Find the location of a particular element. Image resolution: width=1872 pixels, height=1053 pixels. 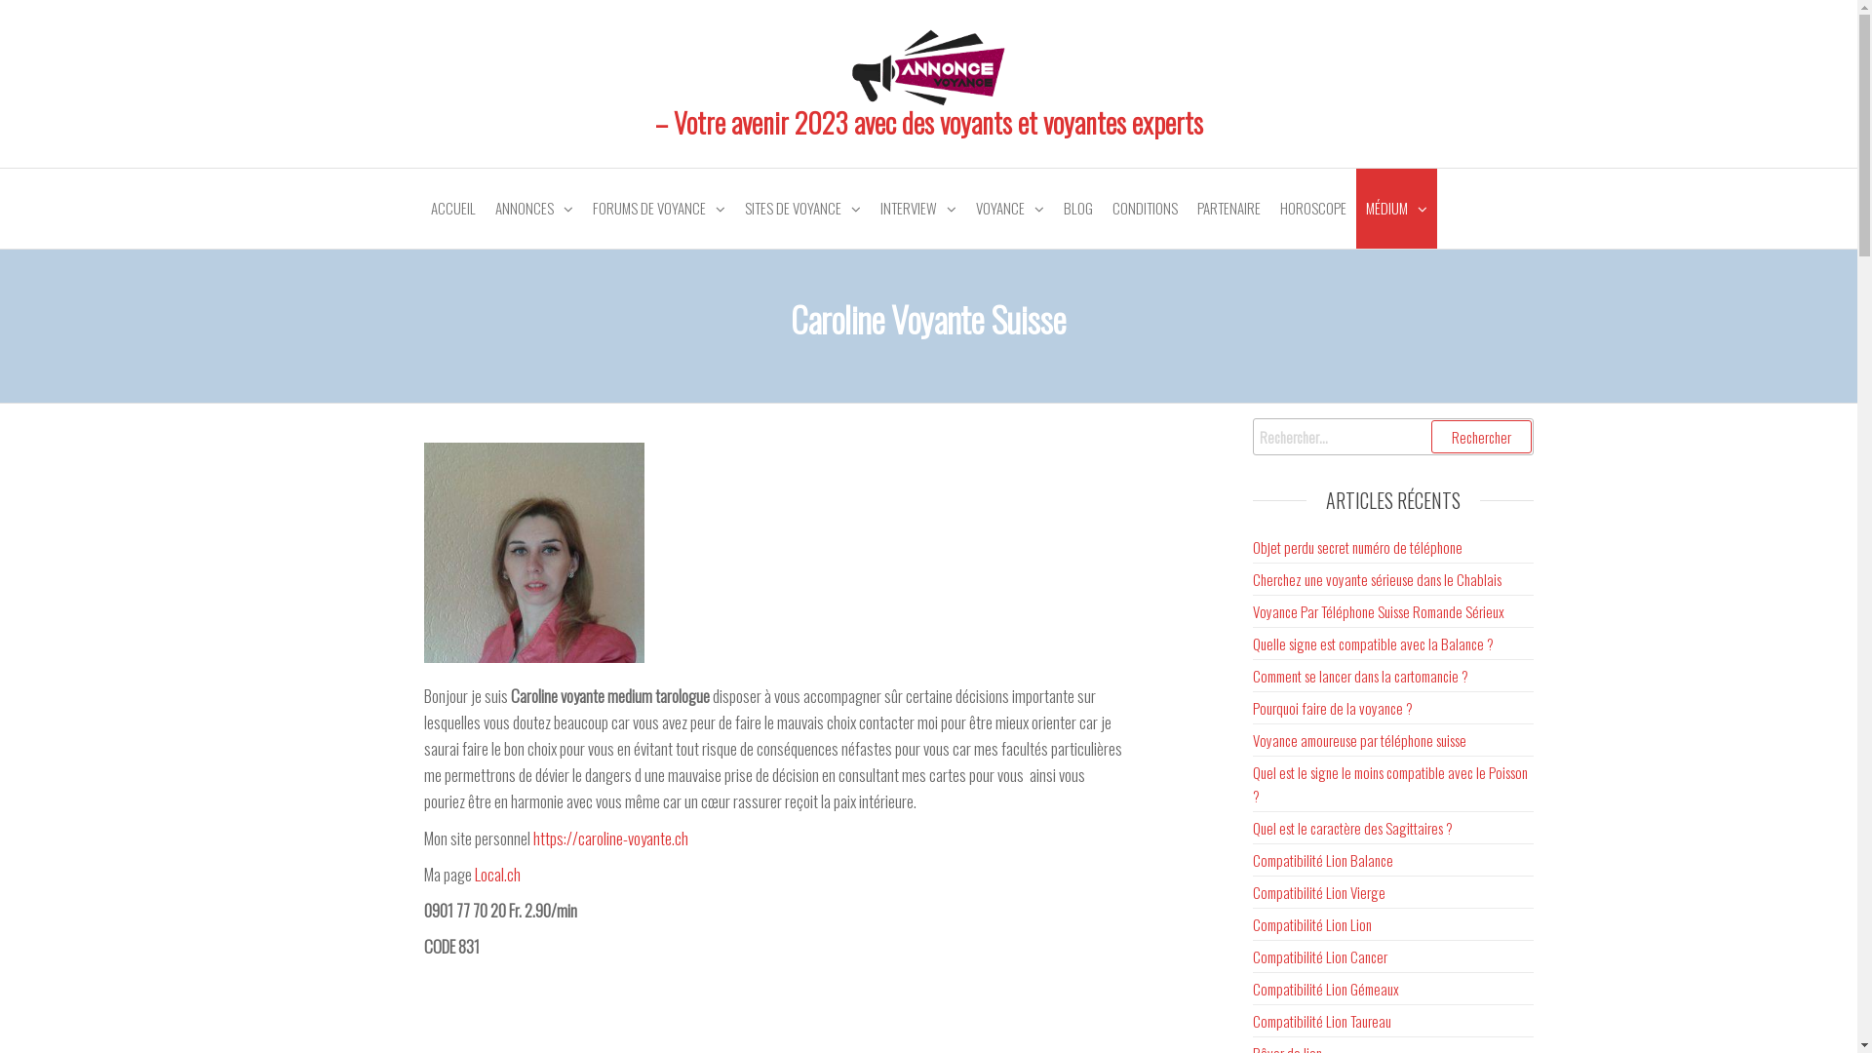

'Comment se lancer dans la cartomancie ?' is located at coordinates (1359, 675).